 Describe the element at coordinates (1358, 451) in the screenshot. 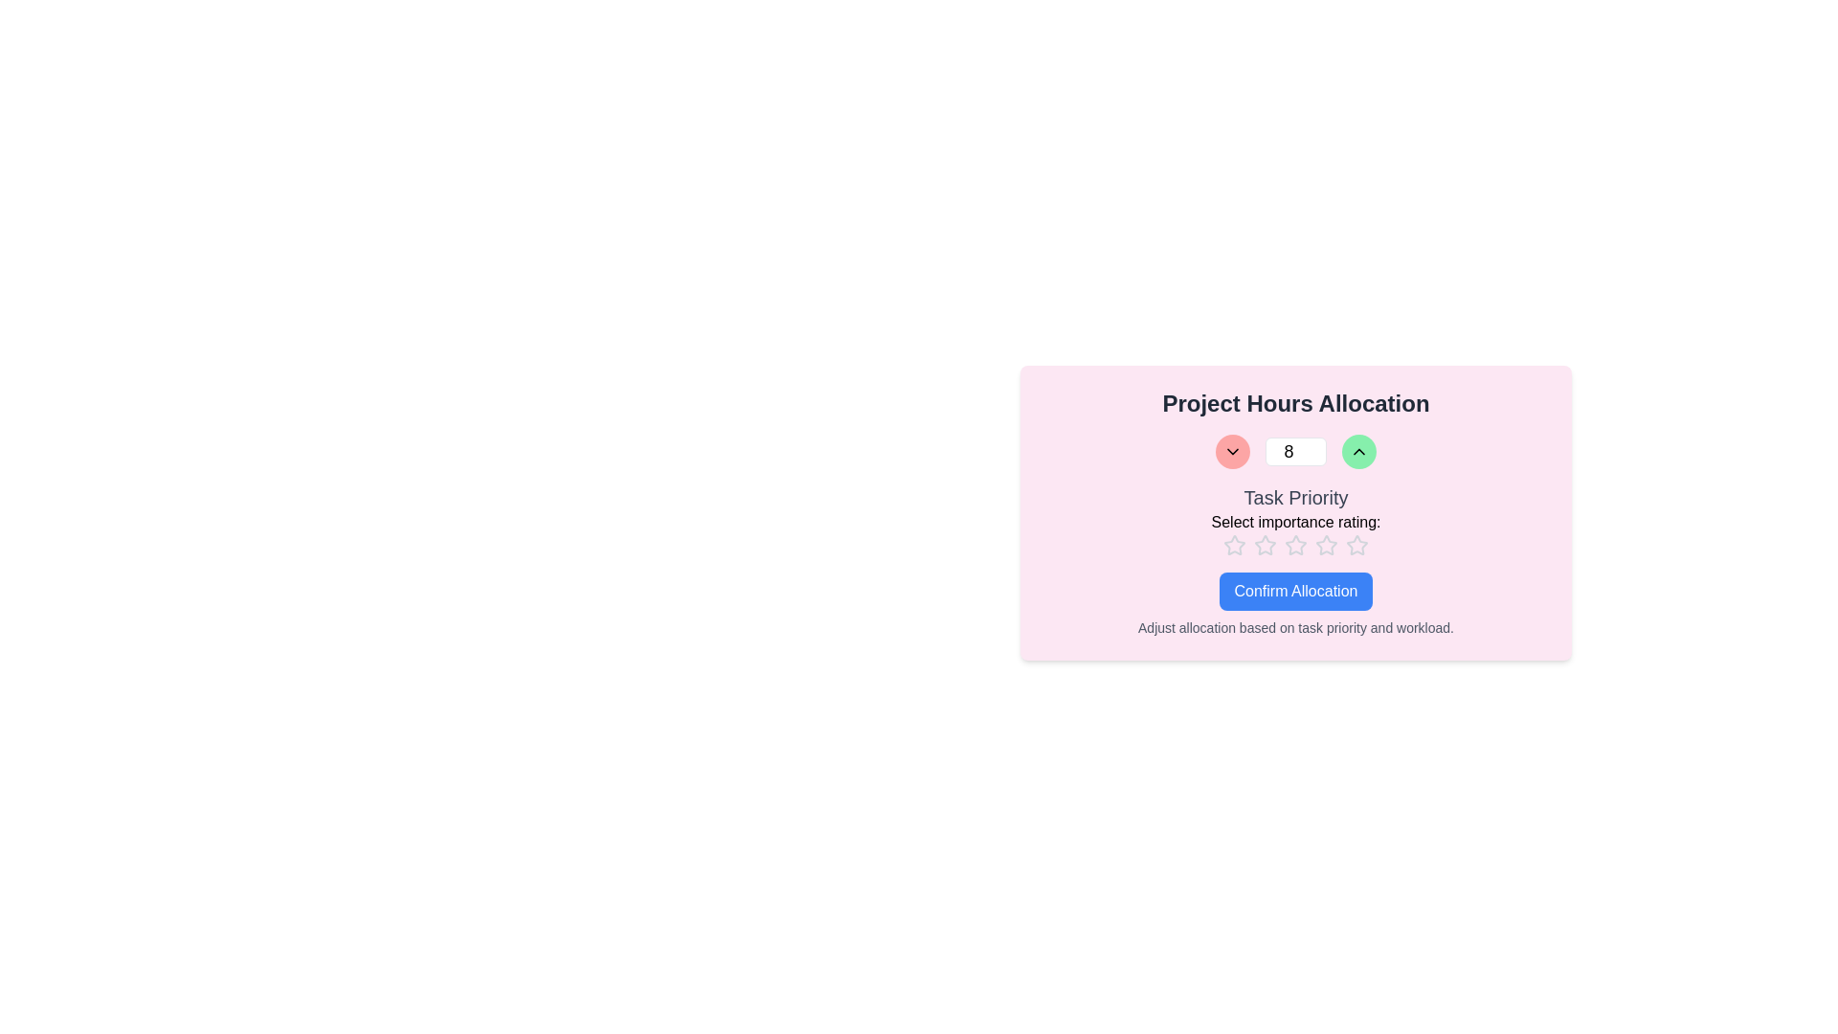

I see `the Increment button, represented as an upward chevron icon inside a green circular button` at that location.